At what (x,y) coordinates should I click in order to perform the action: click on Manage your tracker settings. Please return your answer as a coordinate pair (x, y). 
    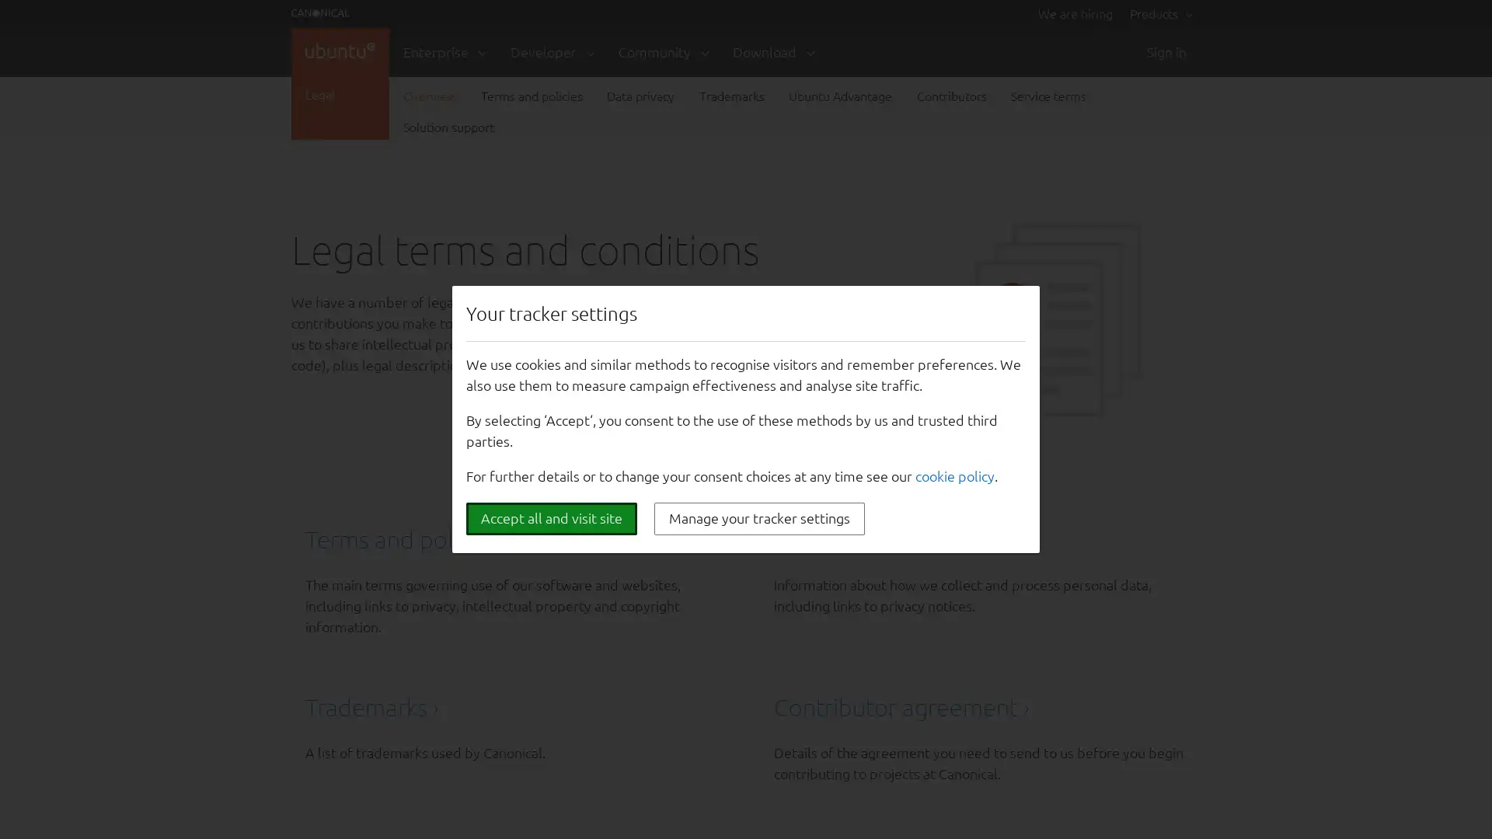
    Looking at the image, I should click on (759, 518).